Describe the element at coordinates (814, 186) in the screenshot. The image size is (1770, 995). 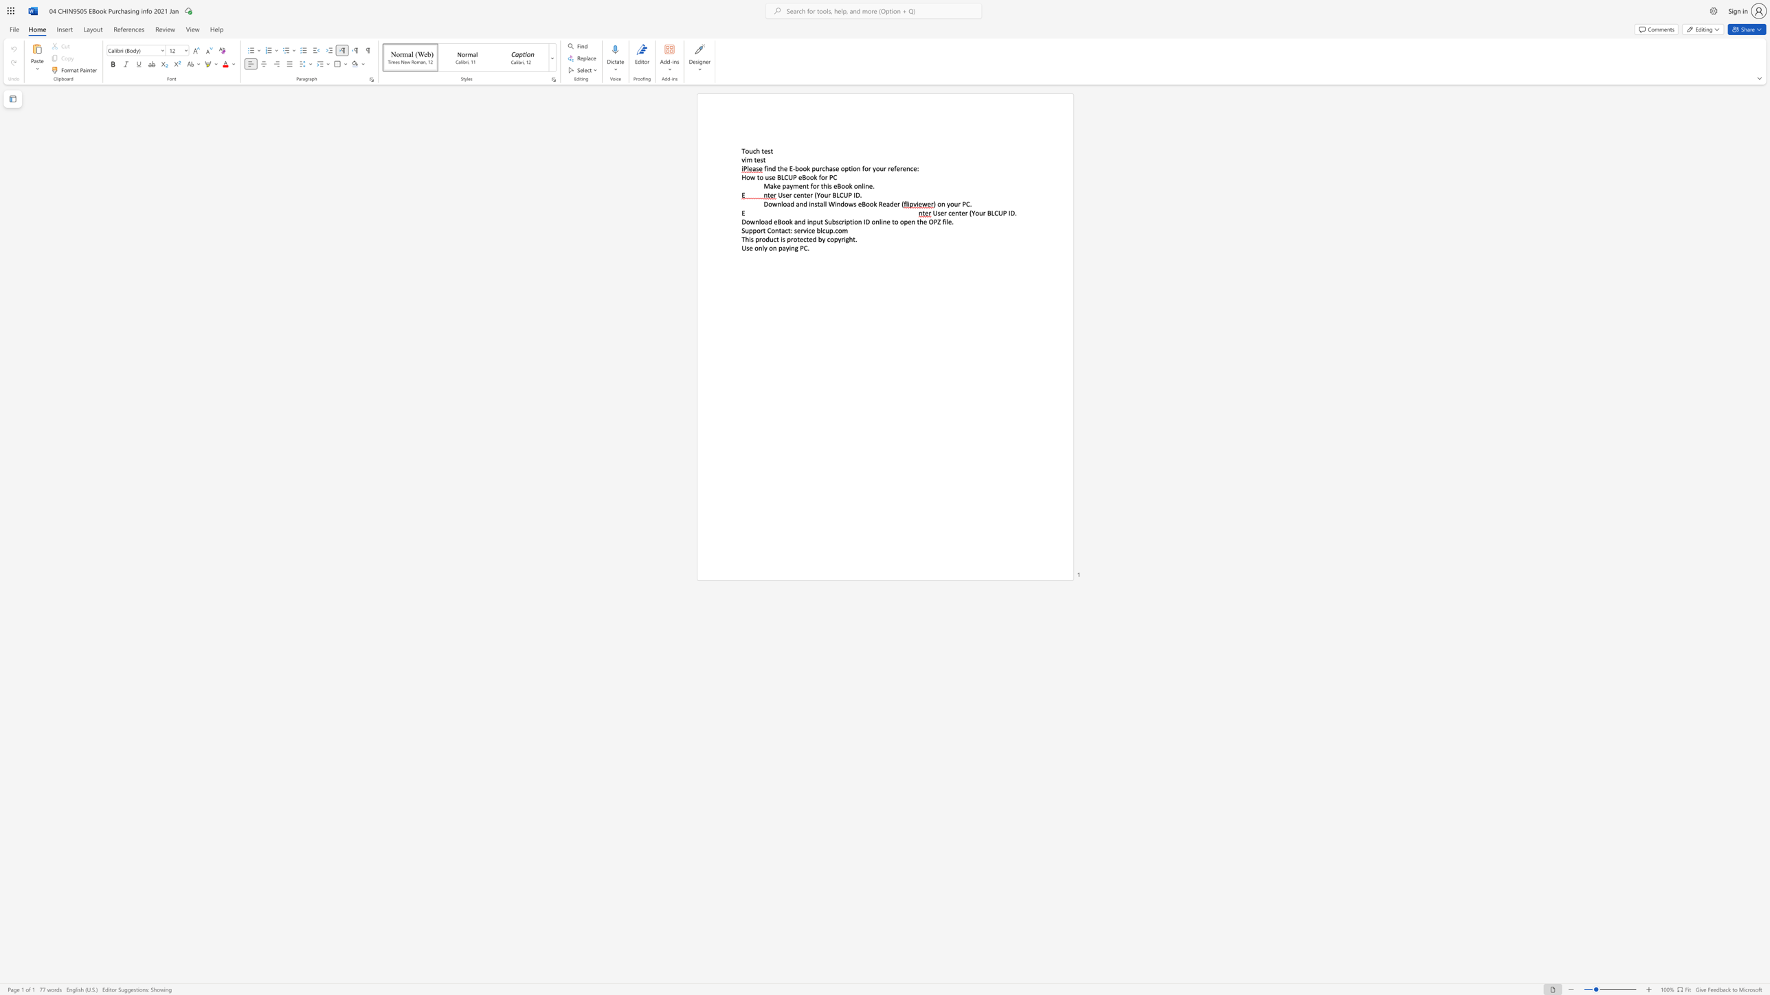
I see `the 1th character "o" in the text` at that location.